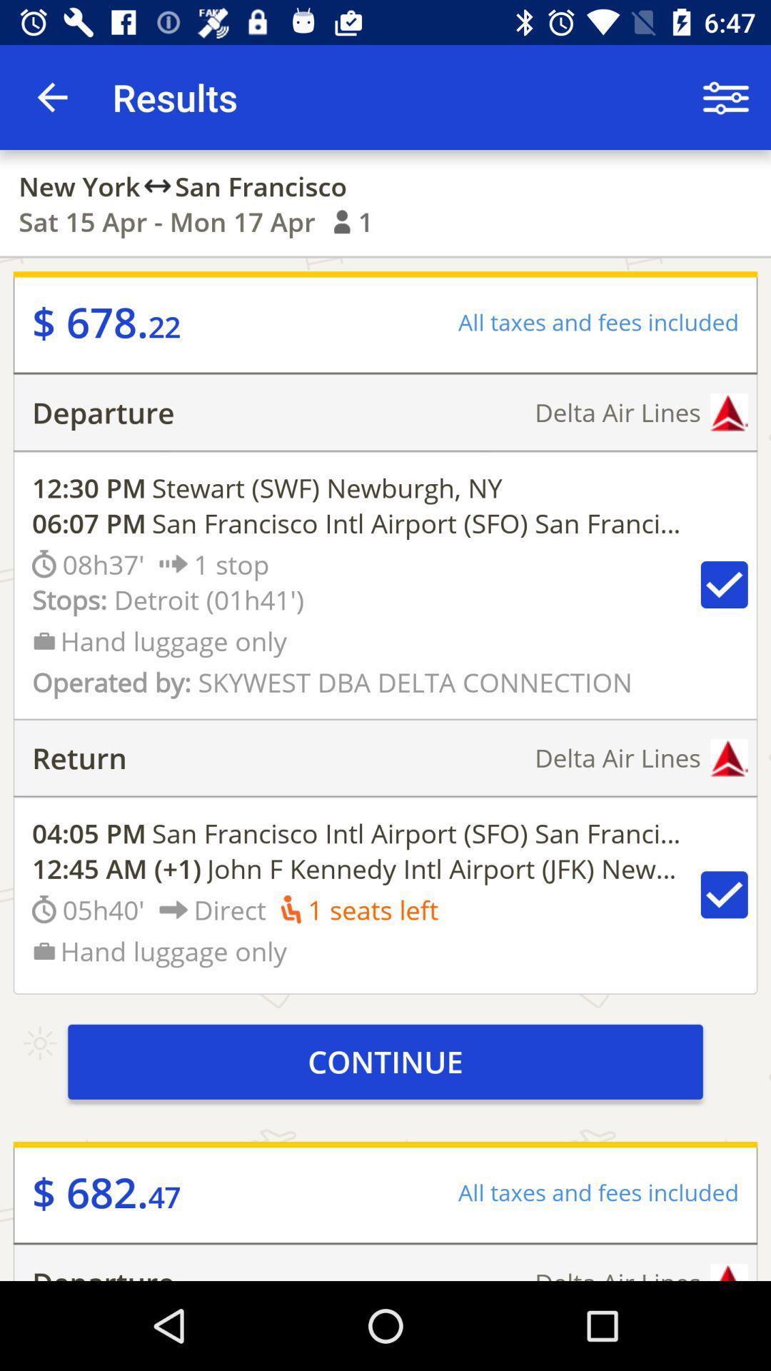 This screenshot has height=1371, width=771. Describe the element at coordinates (51, 96) in the screenshot. I see `icon above the new york icon` at that location.